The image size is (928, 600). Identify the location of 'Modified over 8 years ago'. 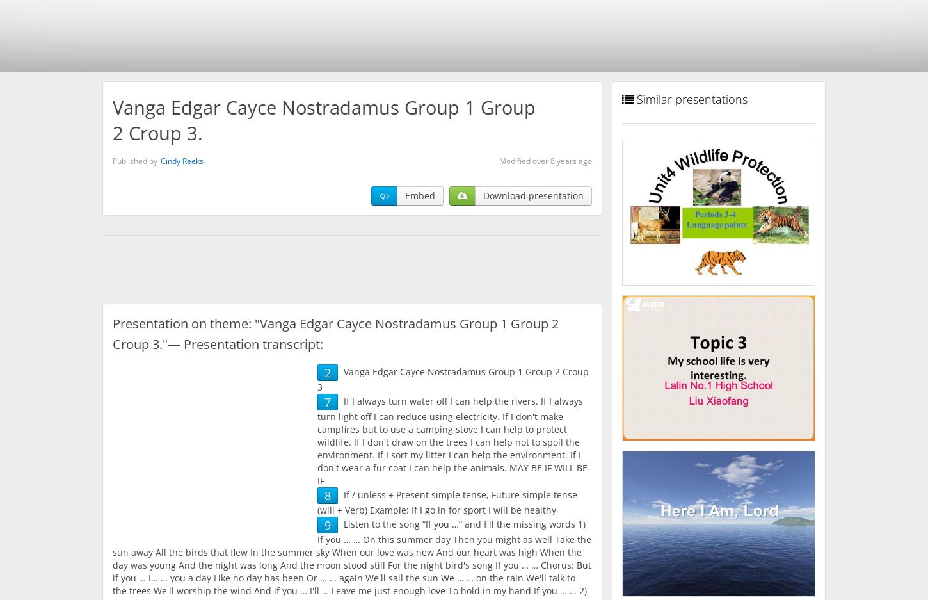
(544, 160).